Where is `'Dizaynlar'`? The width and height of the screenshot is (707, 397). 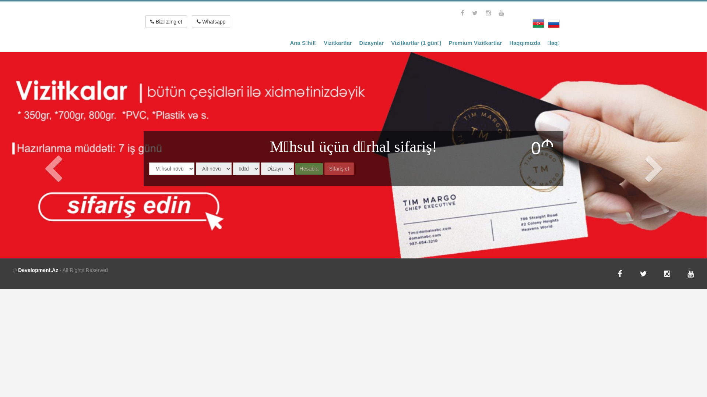
'Dizaynlar' is located at coordinates (372, 43).